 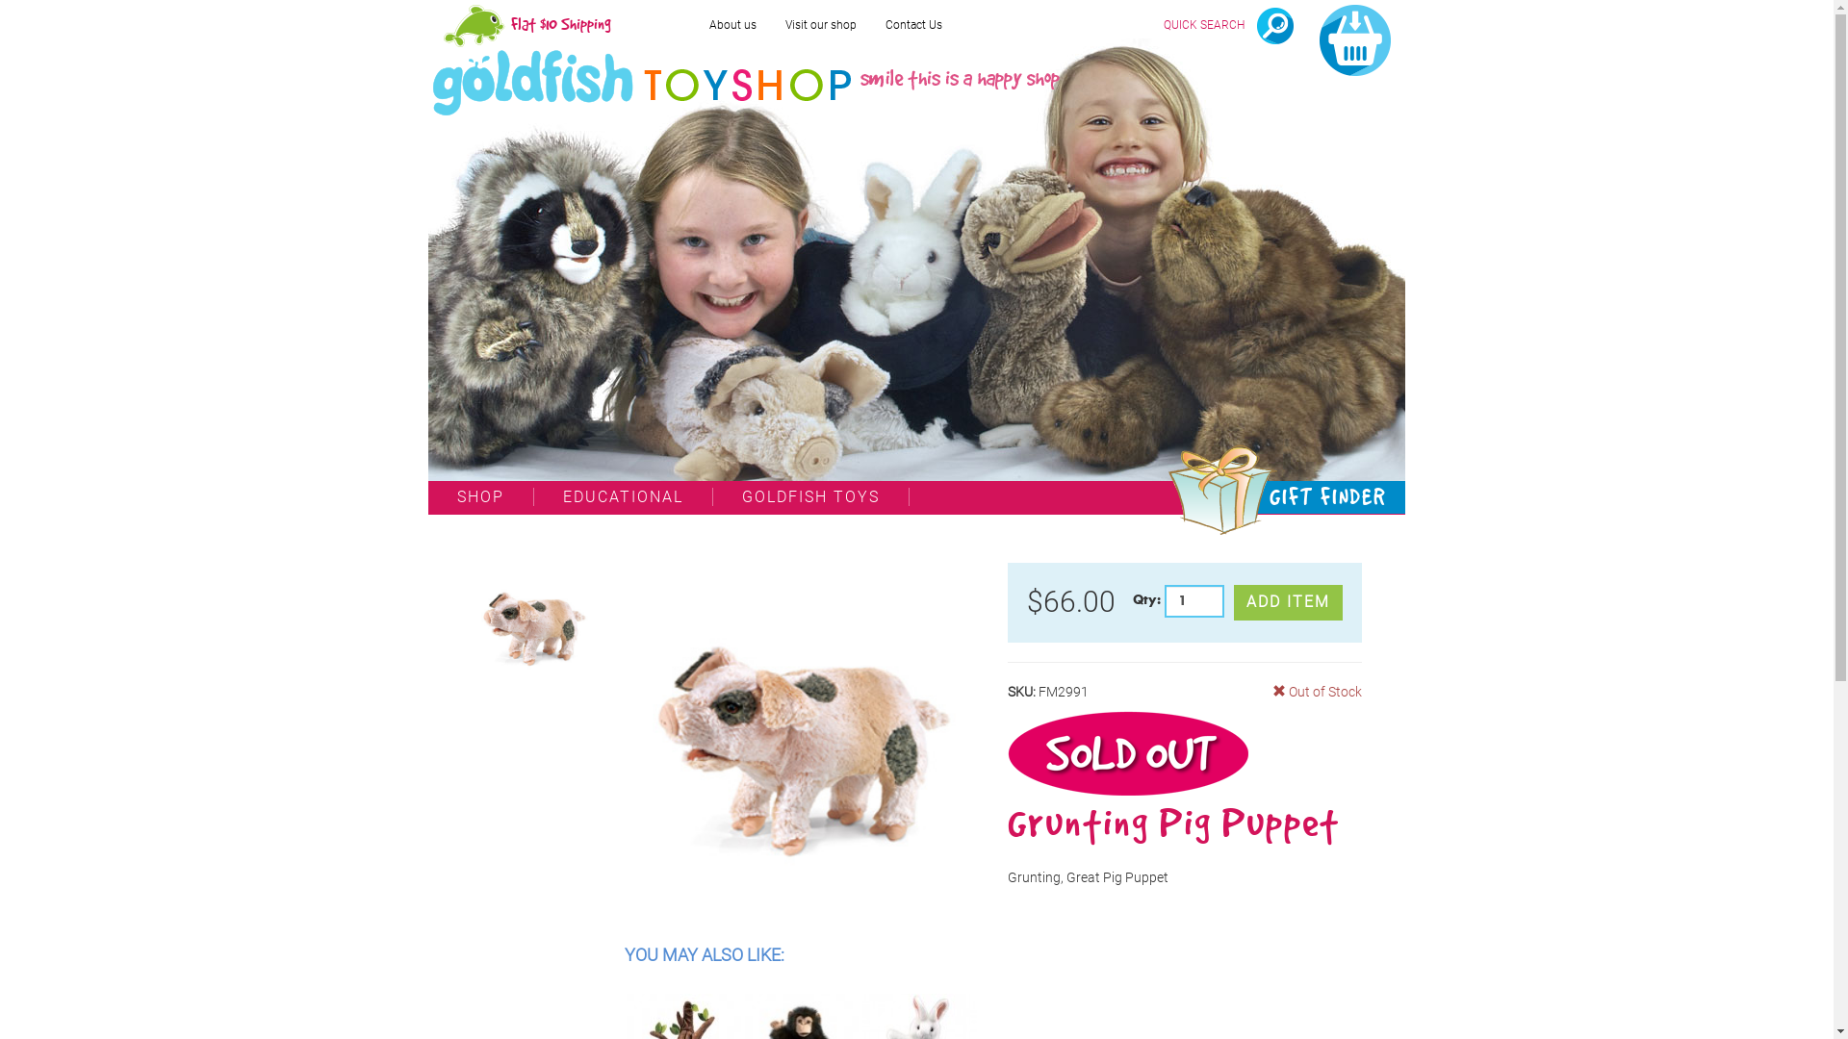 I want to click on 'QUICK SEARCH', so click(x=1227, y=25).